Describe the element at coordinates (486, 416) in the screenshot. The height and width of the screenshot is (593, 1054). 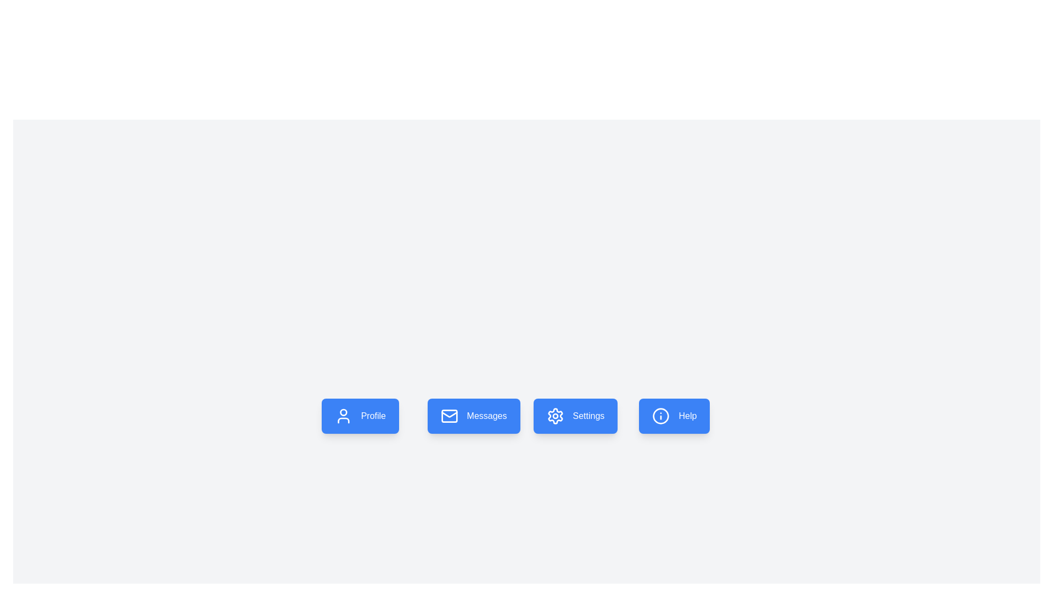
I see `the text label within the second button from the left in the horizontal menu bar` at that location.